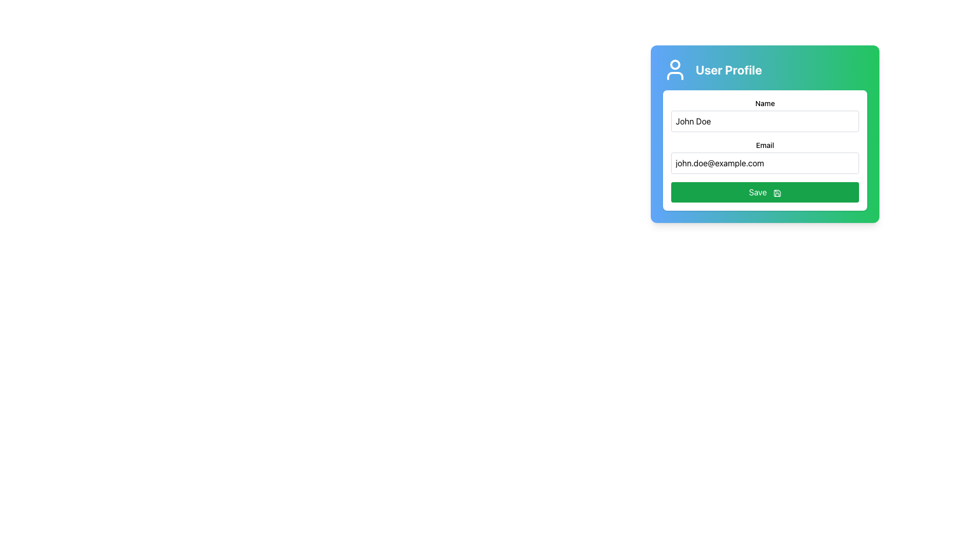  Describe the element at coordinates (675, 65) in the screenshot. I see `the small circular SVG element located at the center of the user profile icon in the top-left corner of the user profile card` at that location.